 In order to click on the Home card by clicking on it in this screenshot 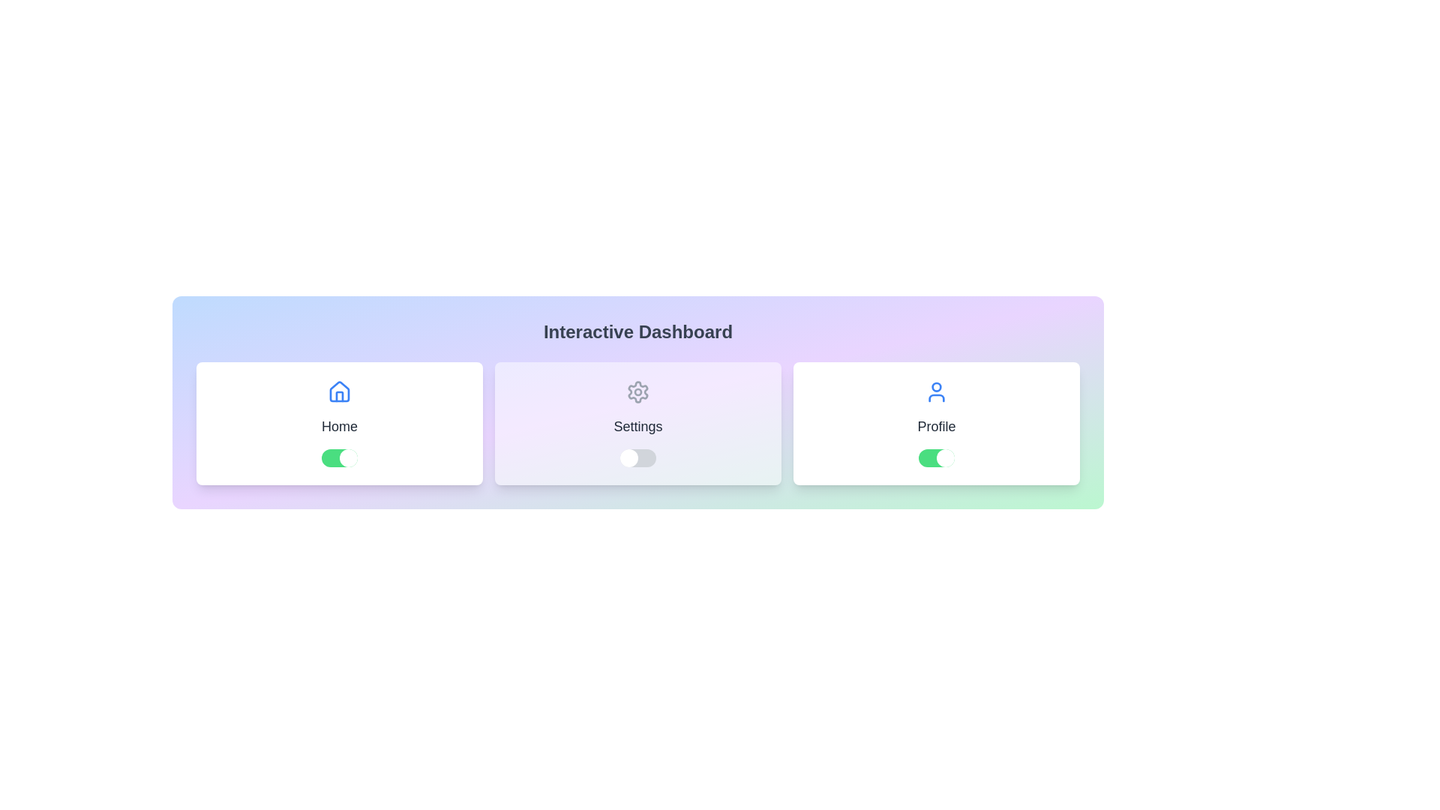, I will do `click(338, 423)`.